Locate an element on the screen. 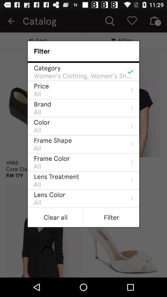 This screenshot has height=297, width=167. the item below the category is located at coordinates (83, 75).